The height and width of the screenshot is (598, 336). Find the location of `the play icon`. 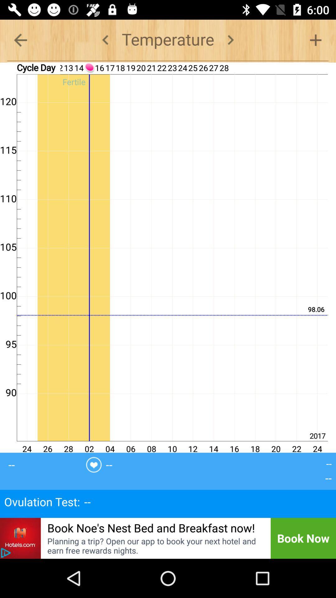

the play icon is located at coordinates (6, 553).